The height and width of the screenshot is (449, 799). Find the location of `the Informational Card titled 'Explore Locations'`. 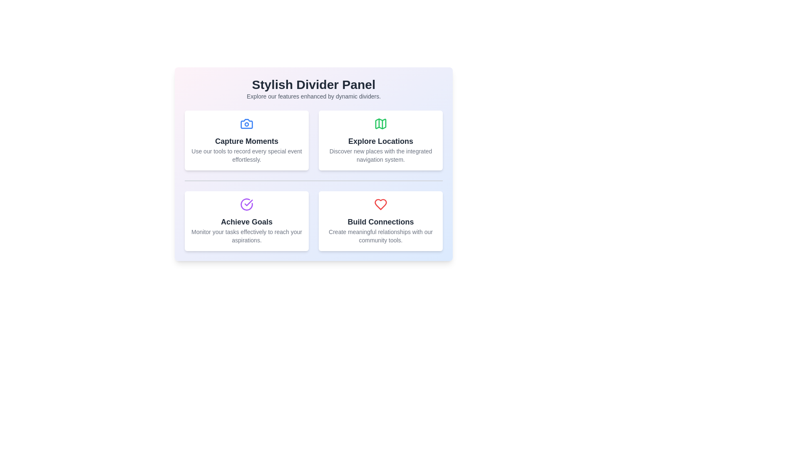

the Informational Card titled 'Explore Locations' is located at coordinates (380, 140).